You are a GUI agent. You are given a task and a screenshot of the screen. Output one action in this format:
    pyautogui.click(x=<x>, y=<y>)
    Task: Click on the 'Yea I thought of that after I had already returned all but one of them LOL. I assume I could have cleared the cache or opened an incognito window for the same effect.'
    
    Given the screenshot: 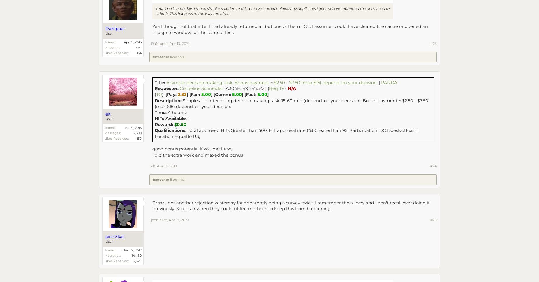 What is the action you would take?
    pyautogui.click(x=290, y=29)
    